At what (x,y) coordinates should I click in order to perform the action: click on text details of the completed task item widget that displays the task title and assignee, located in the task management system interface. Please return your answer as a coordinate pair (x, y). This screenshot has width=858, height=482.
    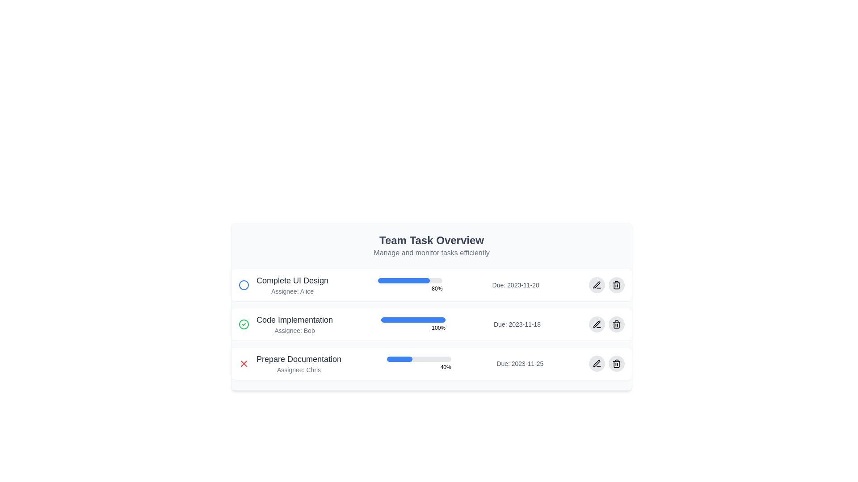
    Looking at the image, I should click on (285, 324).